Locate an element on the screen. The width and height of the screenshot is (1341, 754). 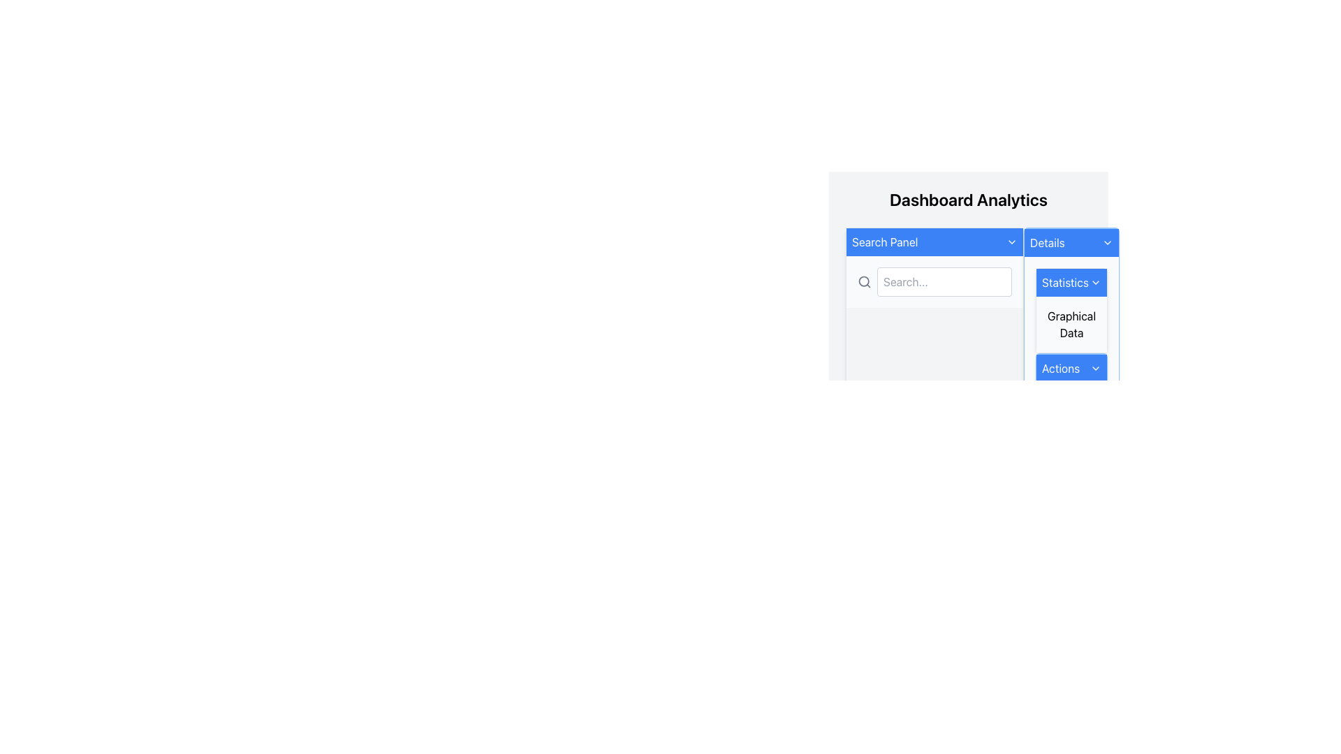
the downwards pointing chevron arrow button on the right side of the 'Search Panel' header is located at coordinates (1012, 242).